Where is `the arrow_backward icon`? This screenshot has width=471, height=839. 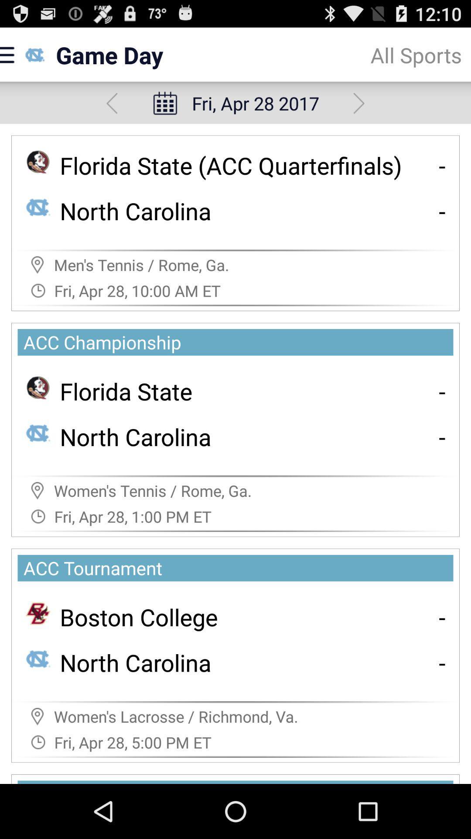 the arrow_backward icon is located at coordinates (111, 110).